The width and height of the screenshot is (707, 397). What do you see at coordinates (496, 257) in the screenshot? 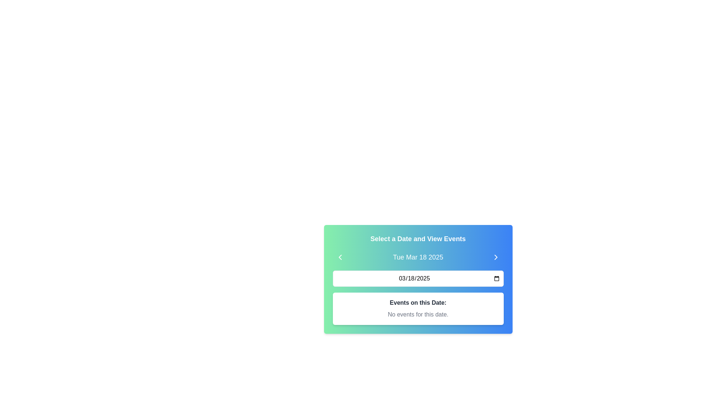
I see `the forward navigation icon located in the top-right of the blue header section of the interface` at bounding box center [496, 257].